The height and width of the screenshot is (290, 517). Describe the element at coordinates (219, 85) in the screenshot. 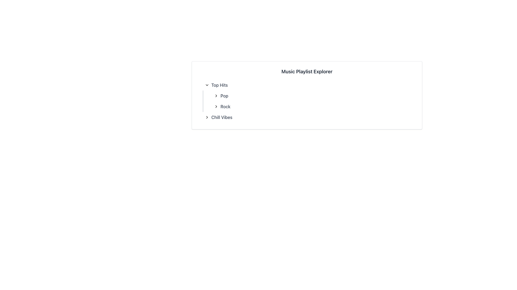

I see `the 'Top Hits' text label, which is displayed in medium font weight and gray color, located to the right of a chevron down icon in the Music Playlist Explorer interface` at that location.